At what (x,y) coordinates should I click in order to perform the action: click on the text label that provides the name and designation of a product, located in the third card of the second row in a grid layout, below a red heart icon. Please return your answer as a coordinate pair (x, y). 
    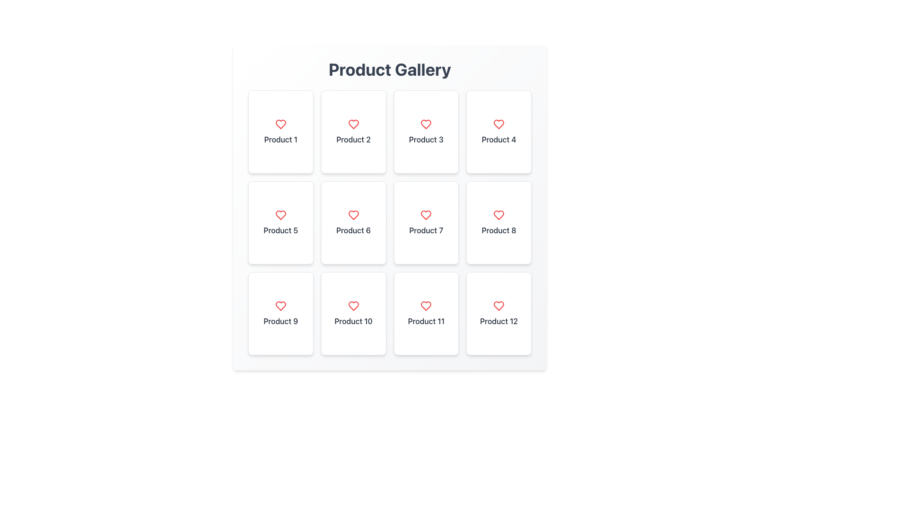
    Looking at the image, I should click on (280, 230).